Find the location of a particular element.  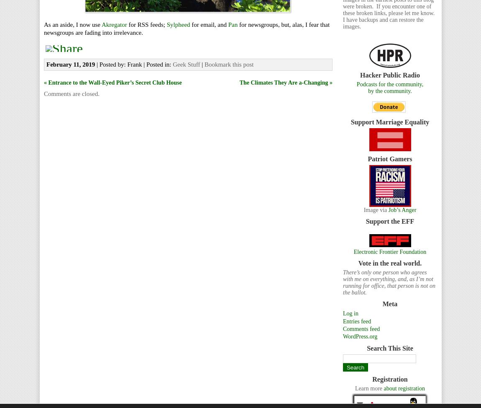

'Comments are closed.' is located at coordinates (71, 93).